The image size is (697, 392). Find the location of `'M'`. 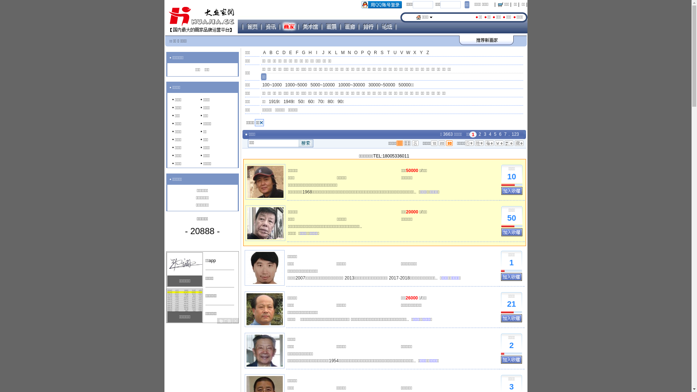

'M' is located at coordinates (342, 53).